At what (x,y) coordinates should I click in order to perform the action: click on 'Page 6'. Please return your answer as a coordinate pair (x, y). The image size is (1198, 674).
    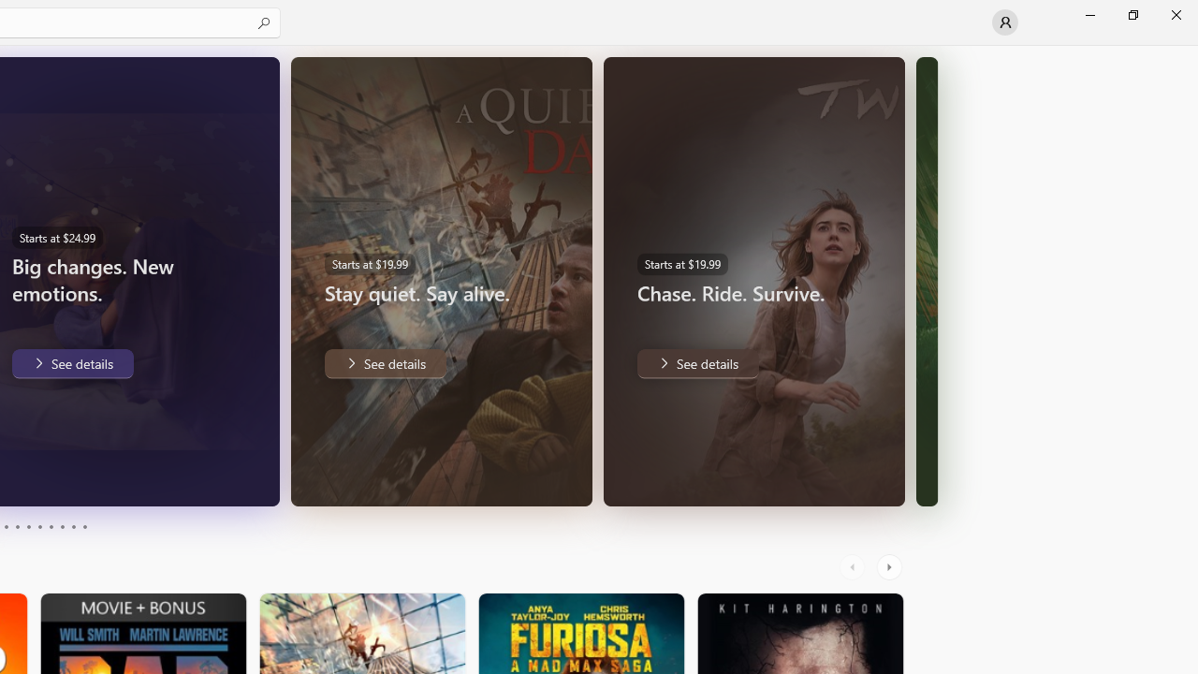
    Looking at the image, I should click on (39, 527).